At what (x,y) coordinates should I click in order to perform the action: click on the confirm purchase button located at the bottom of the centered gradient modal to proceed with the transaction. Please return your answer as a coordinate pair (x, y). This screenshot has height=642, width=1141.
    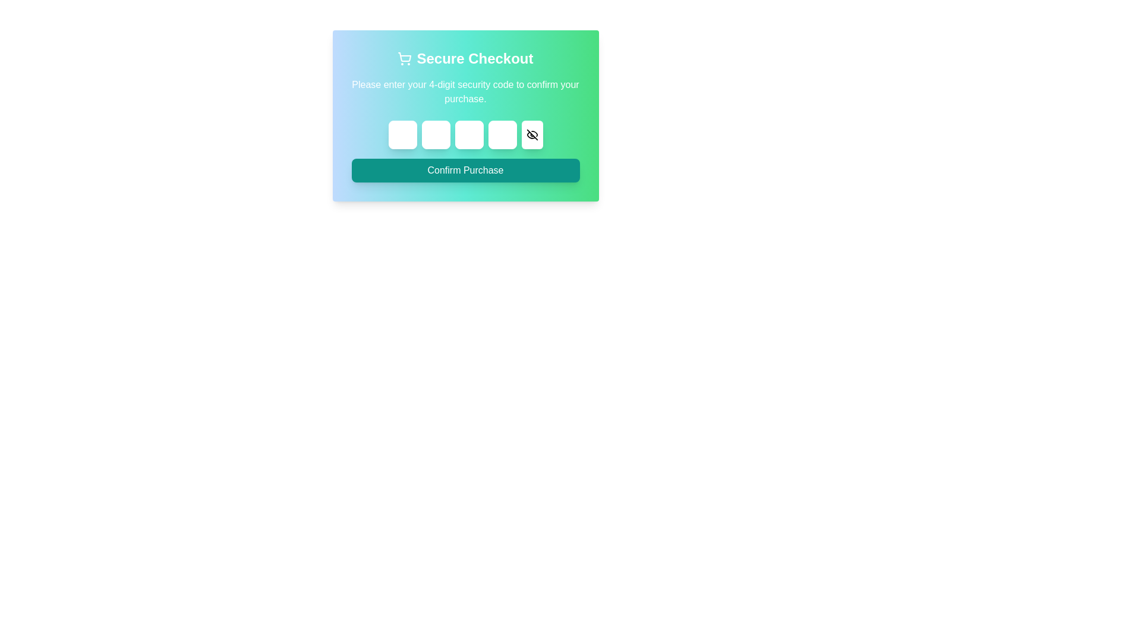
    Looking at the image, I should click on (465, 170).